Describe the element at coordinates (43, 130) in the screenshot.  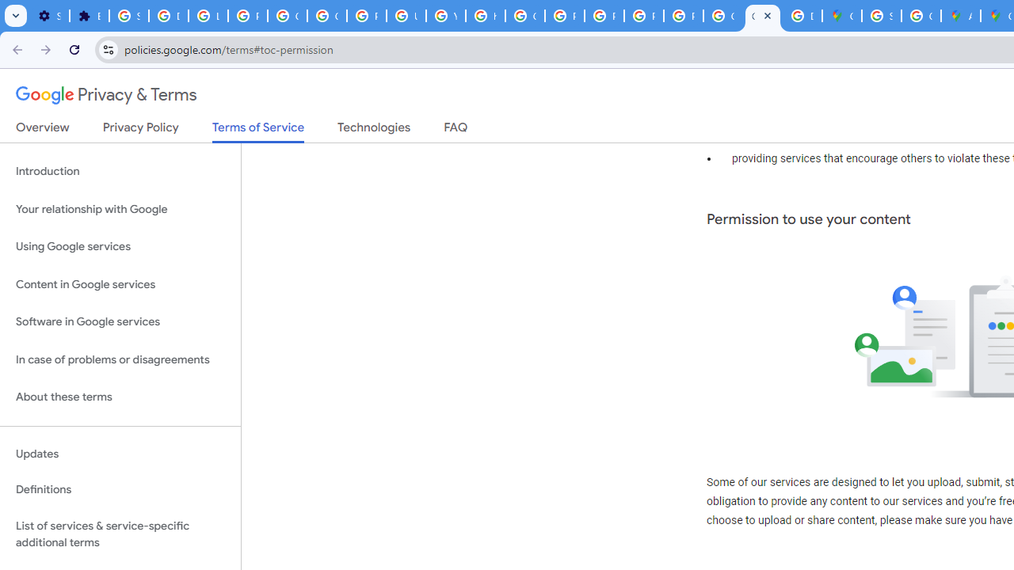
I see `'Overview'` at that location.